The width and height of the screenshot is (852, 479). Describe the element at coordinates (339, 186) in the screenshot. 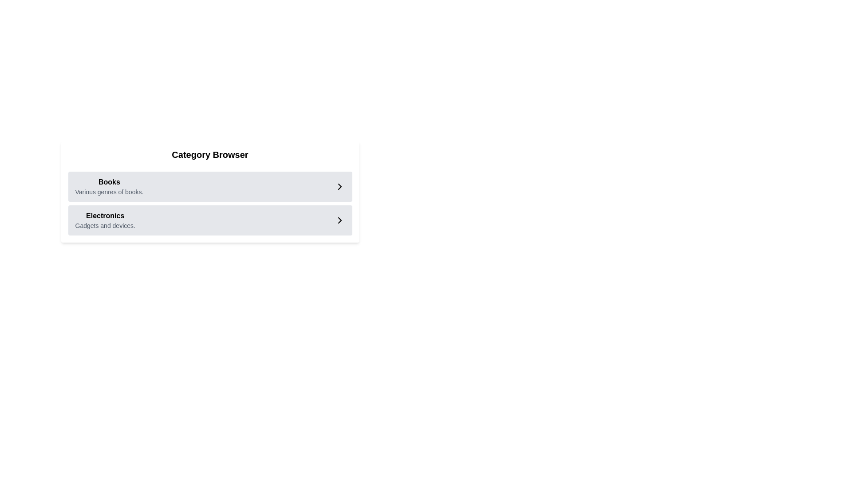

I see `the right-facing chevron icon located at the rightmost side of the 'Books' list item row` at that location.